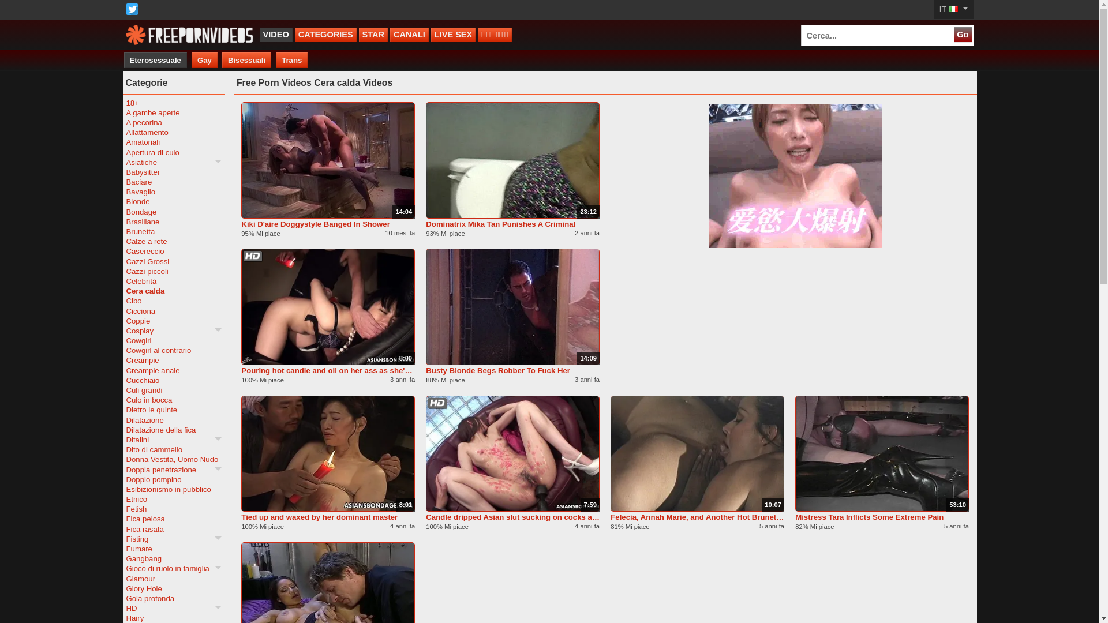  Describe the element at coordinates (173, 340) in the screenshot. I see `'Cowgirl'` at that location.